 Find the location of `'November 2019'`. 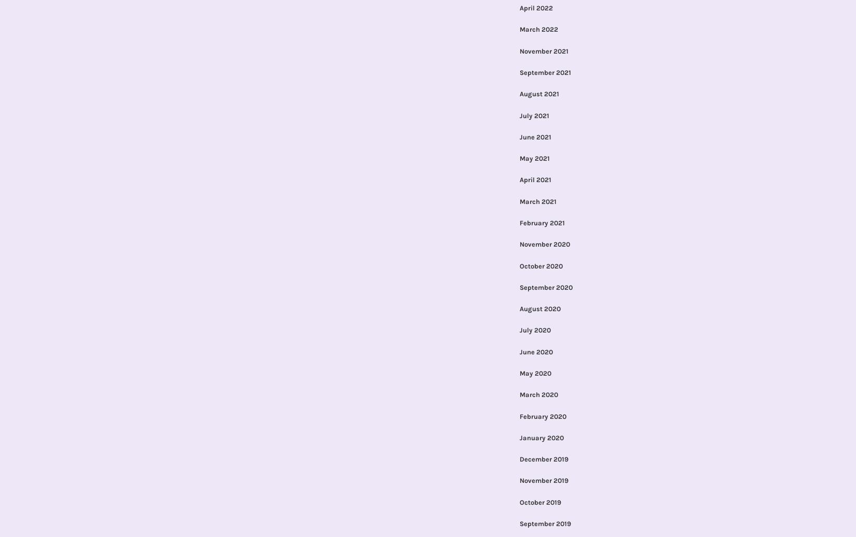

'November 2019' is located at coordinates (543, 480).